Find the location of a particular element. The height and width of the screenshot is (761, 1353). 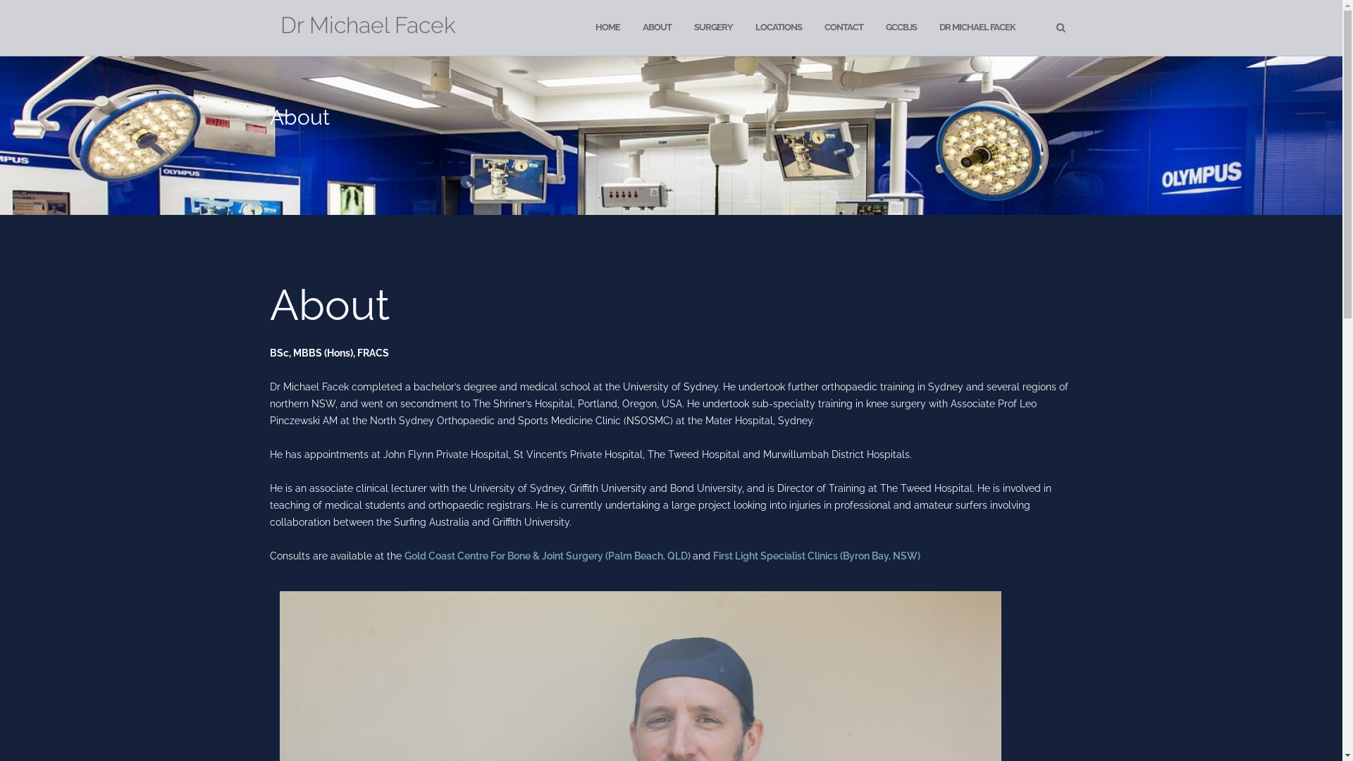

'DR MICHAEL FACEK' is located at coordinates (976, 27).